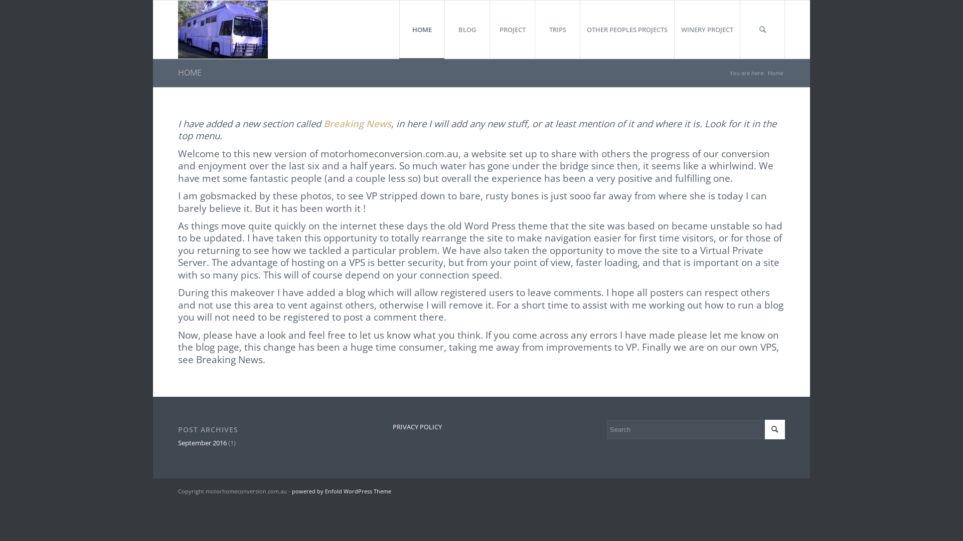  What do you see at coordinates (202, 442) in the screenshot?
I see `'September 2016'` at bounding box center [202, 442].